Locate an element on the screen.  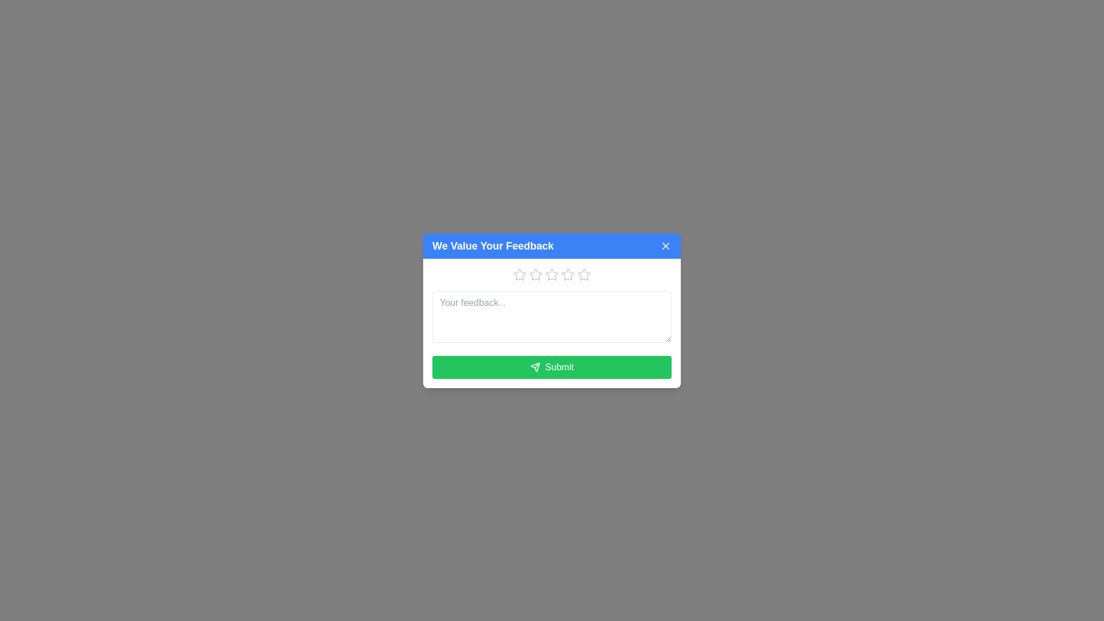
the star icon in the Rating Component to set the rating, which is a horizontal arrangement of five outlined star icons located below the heading 'We Value Your Feedback' in the feedback dialog is located at coordinates (552, 274).